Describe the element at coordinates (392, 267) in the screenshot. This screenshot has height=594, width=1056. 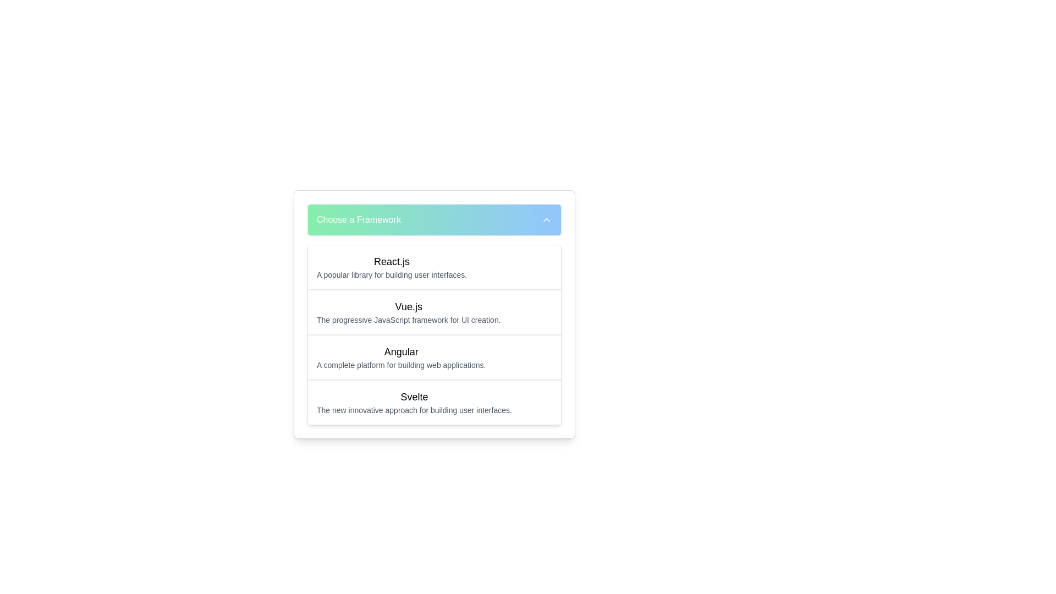
I see `the Text label for the React.js framework option in the 'Choose a Framework' selection panel, which is the first option in the list` at that location.